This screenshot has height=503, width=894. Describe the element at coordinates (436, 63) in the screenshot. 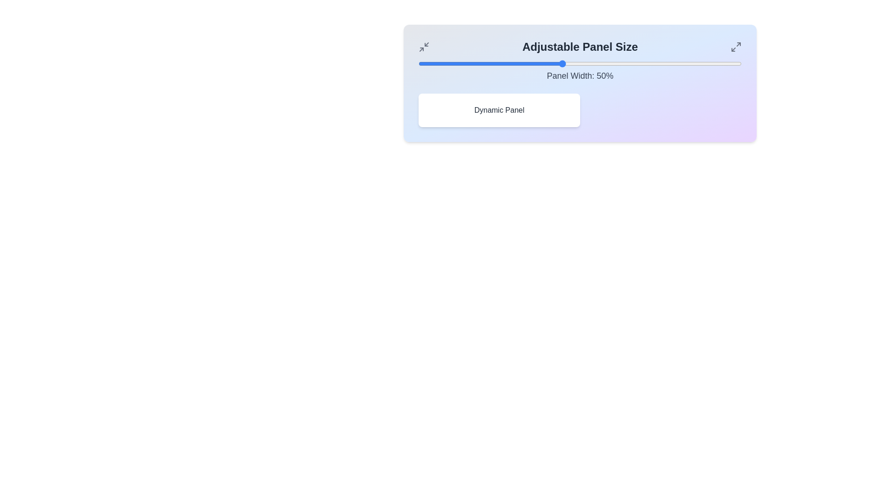

I see `the slider value` at that location.